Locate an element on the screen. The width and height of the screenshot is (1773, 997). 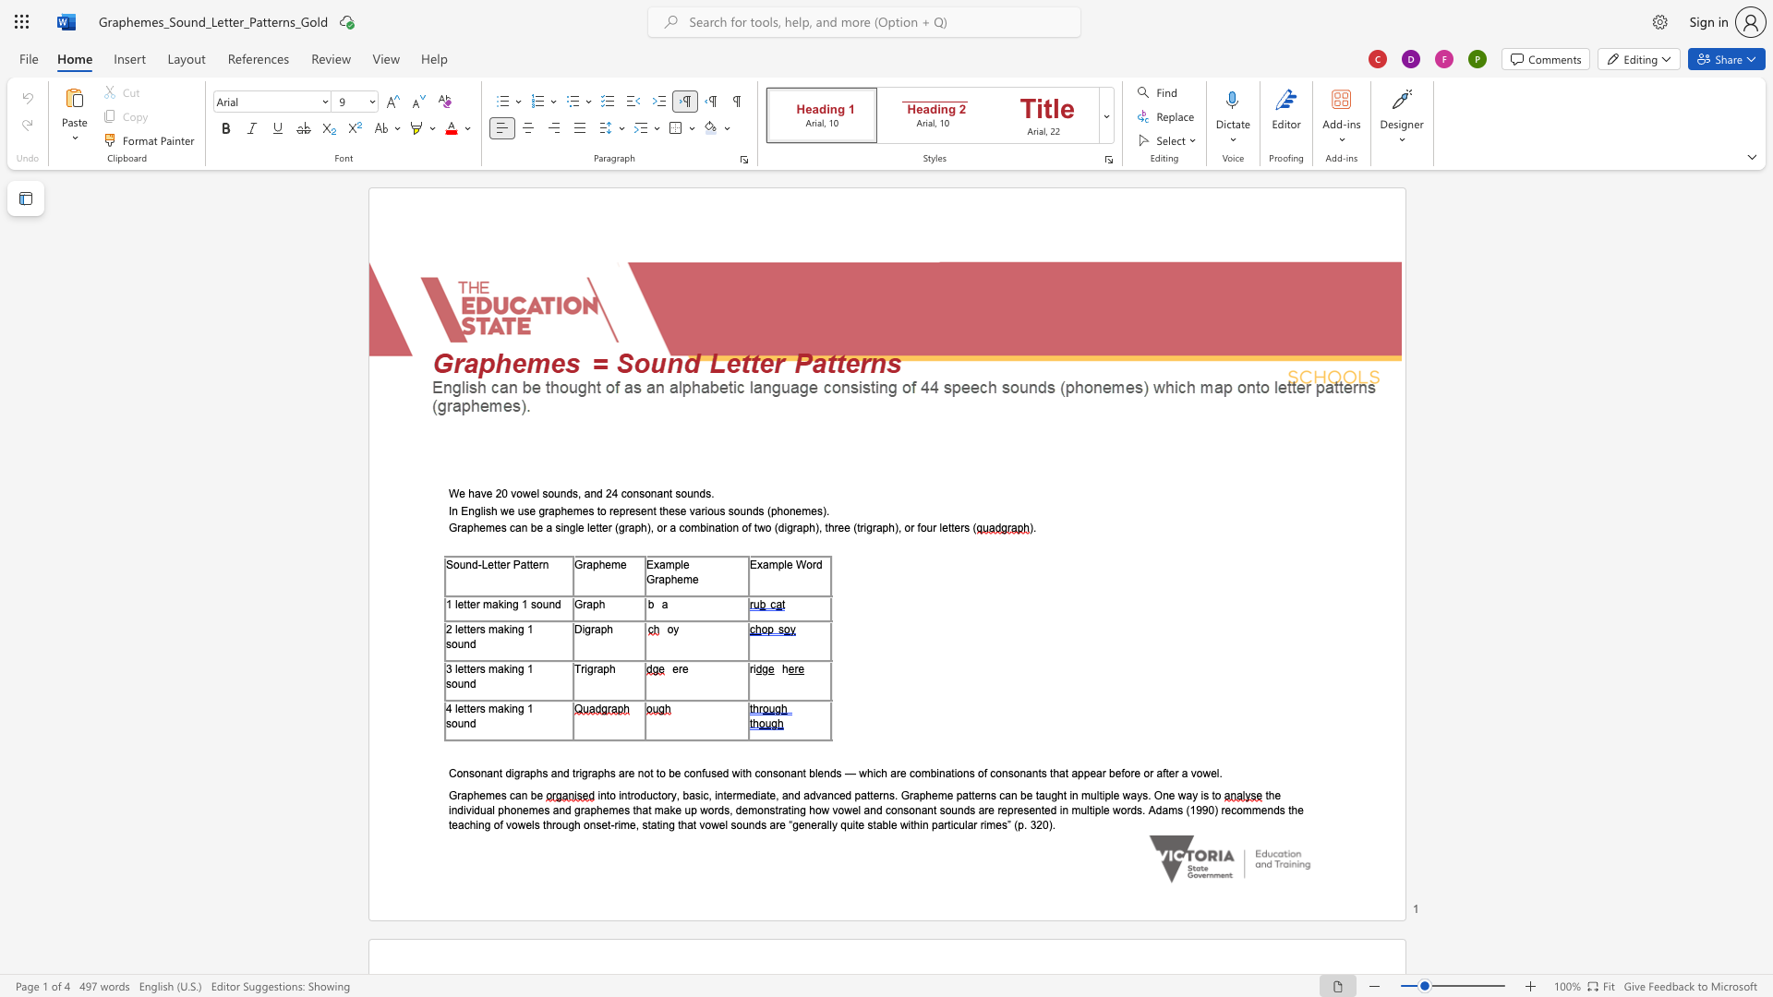
the 2th character "p" in the text is located at coordinates (667, 578).